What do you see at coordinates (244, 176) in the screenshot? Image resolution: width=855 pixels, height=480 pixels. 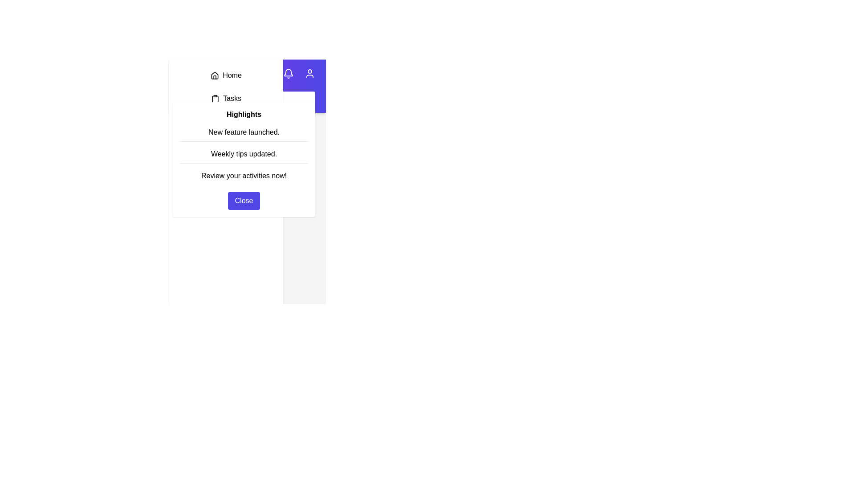 I see `the static text that displays 'Review your activities now!' located in the notification-style pop-up, which is the third item in a vertically stacked list under the 'Highlights' header` at bounding box center [244, 176].